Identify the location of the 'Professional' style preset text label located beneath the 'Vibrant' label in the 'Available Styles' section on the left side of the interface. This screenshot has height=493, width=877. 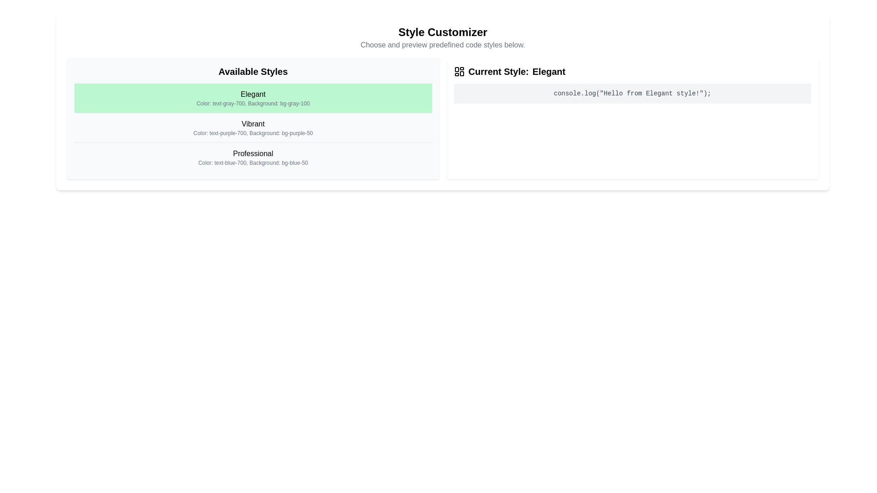
(253, 153).